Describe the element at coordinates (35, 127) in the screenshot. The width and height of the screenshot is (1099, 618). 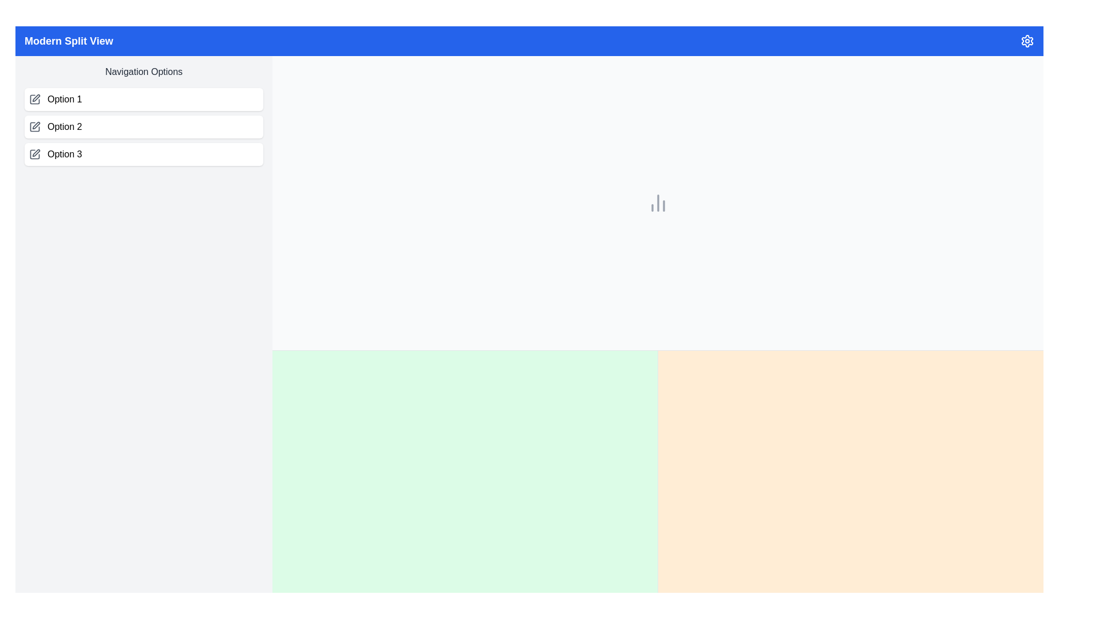
I see `the gray square pen icon located to the left of the text 'Option 2' in the sidebar navigation to initiate an edit action` at that location.